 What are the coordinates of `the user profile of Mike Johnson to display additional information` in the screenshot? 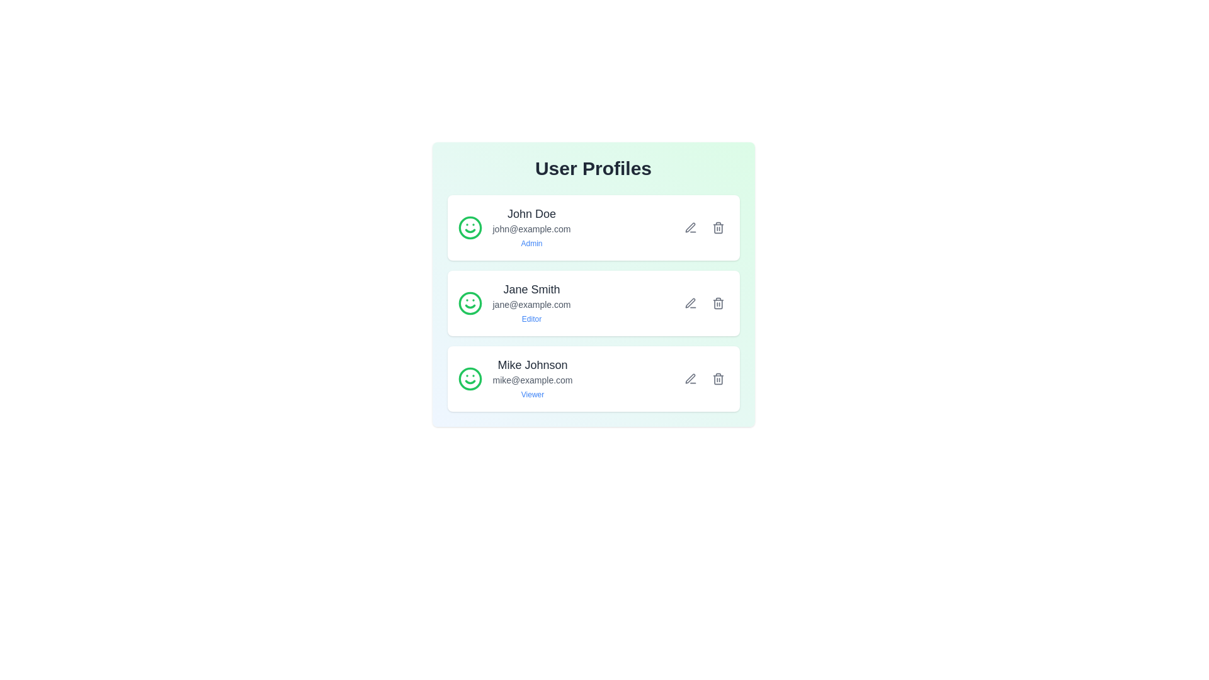 It's located at (515, 378).